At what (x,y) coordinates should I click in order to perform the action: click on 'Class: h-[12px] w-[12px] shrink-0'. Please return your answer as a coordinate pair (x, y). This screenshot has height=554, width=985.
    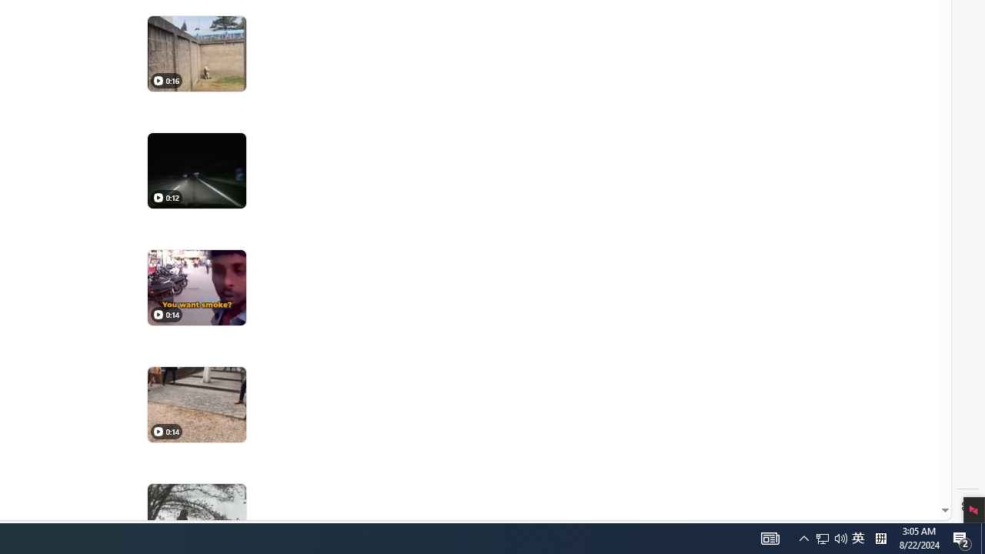
    Looking at the image, I should click on (158, 432).